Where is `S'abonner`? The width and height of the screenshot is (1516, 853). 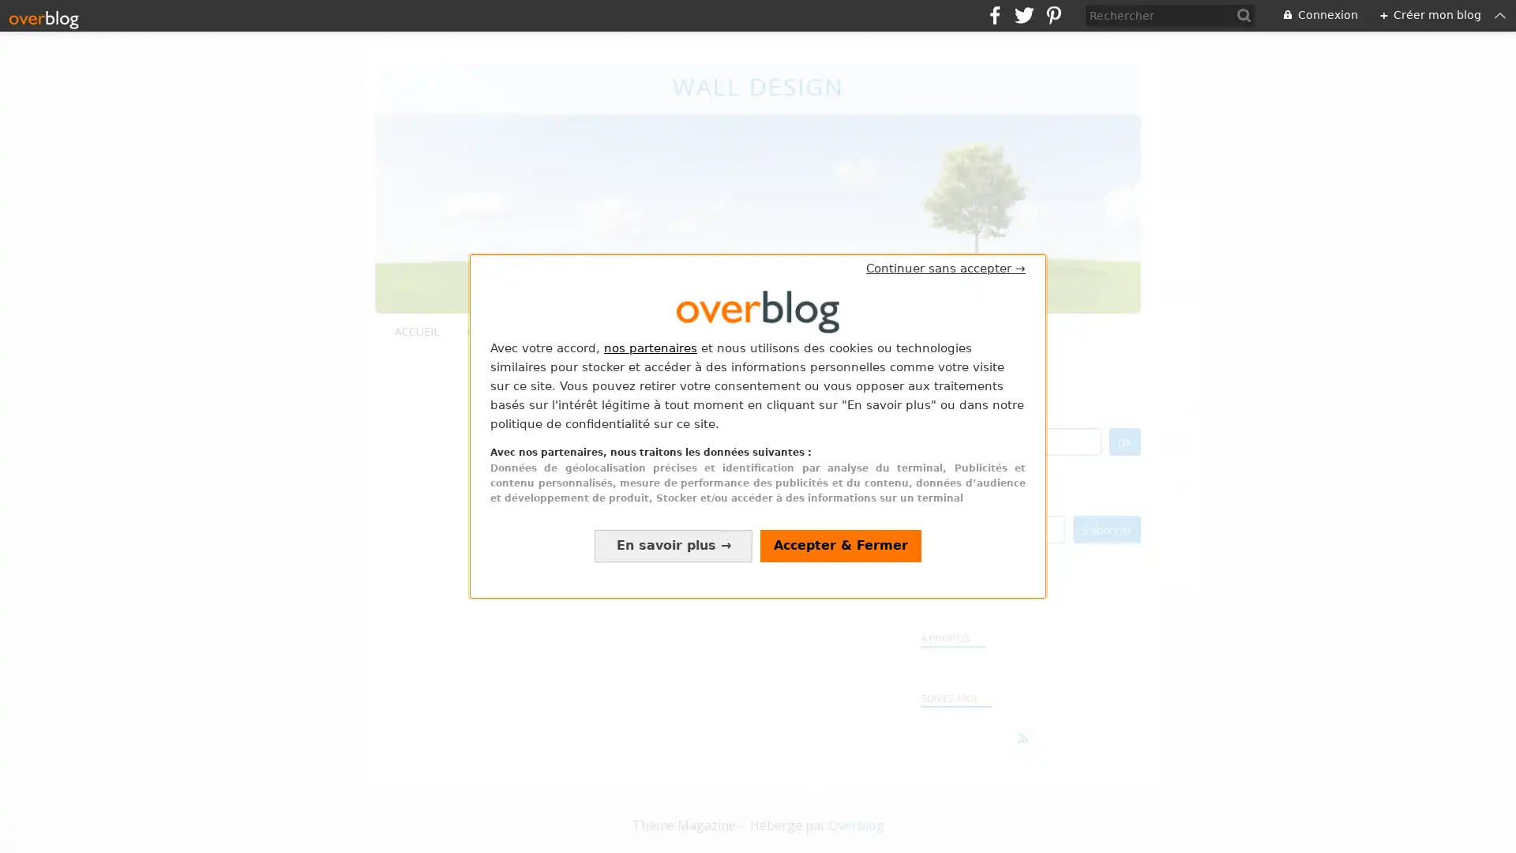 S'abonner is located at coordinates (1105, 528).